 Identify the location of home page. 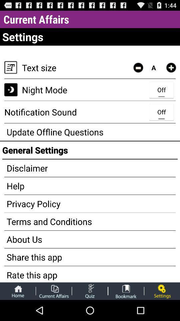
(18, 291).